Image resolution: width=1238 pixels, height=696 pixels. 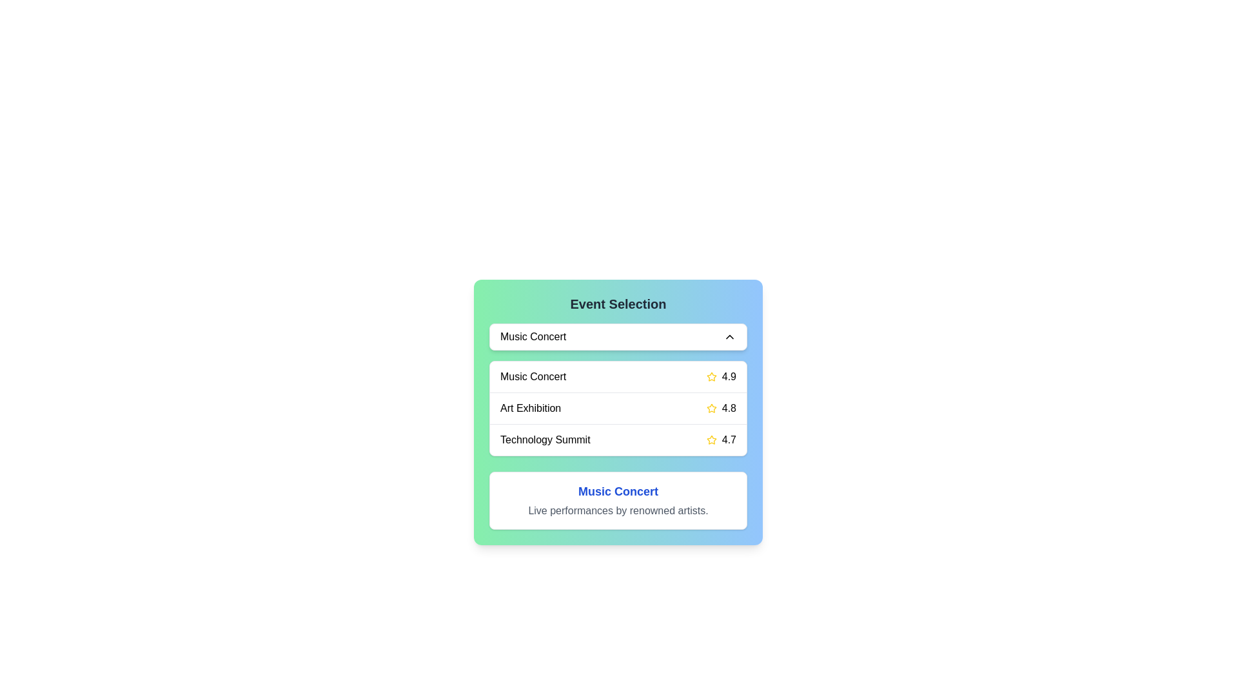 I want to click on static text displaying the rating '4.9' which is positioned to the right of a yellow star icon in the 'Event Selection' list for the 'Music Concert' option, so click(x=729, y=377).